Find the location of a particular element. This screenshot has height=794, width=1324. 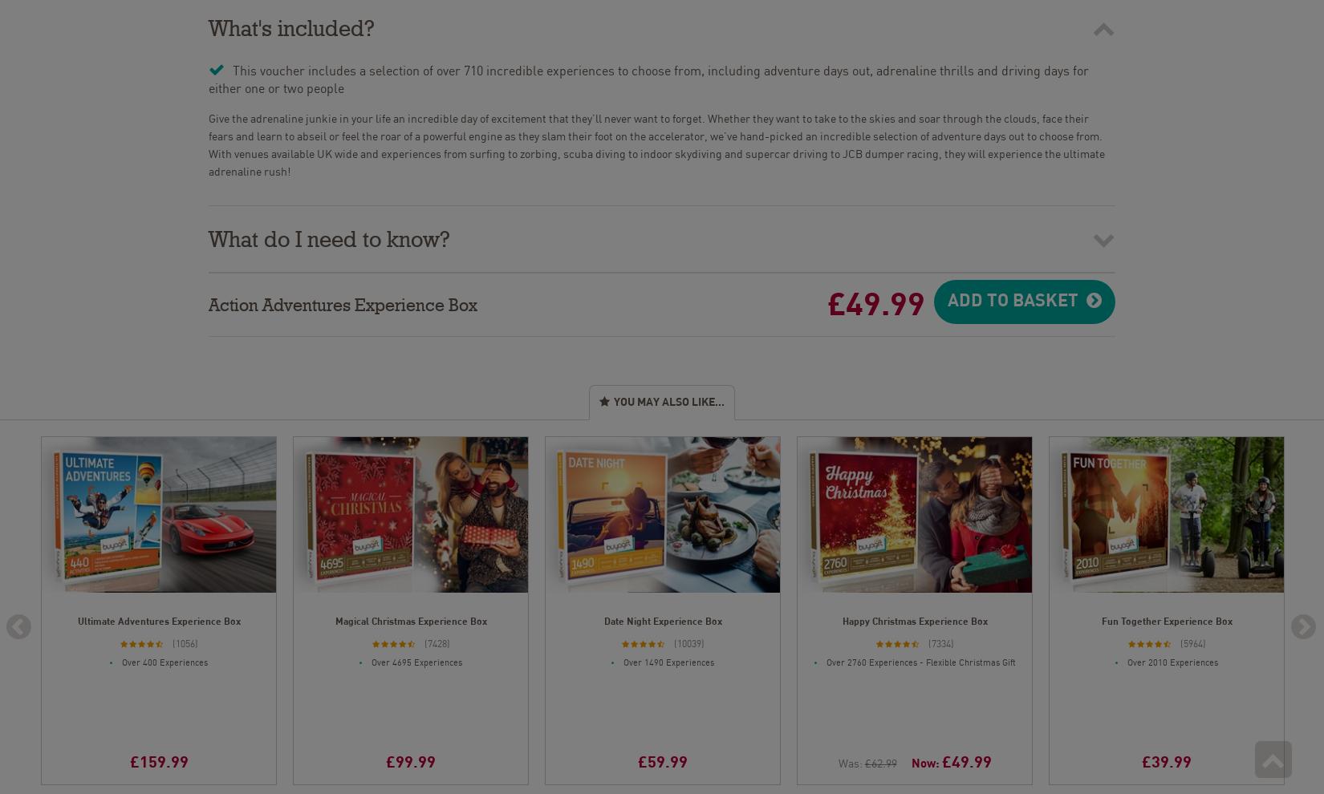

'Date Night Experience Box' is located at coordinates (662, 618).